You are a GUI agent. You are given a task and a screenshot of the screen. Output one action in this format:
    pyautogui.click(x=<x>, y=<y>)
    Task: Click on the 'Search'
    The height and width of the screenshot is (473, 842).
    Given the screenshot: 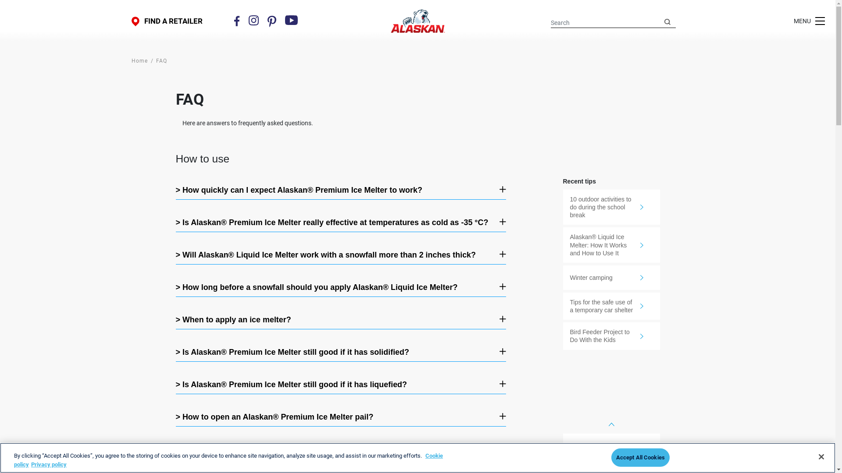 What is the action you would take?
    pyautogui.click(x=667, y=21)
    